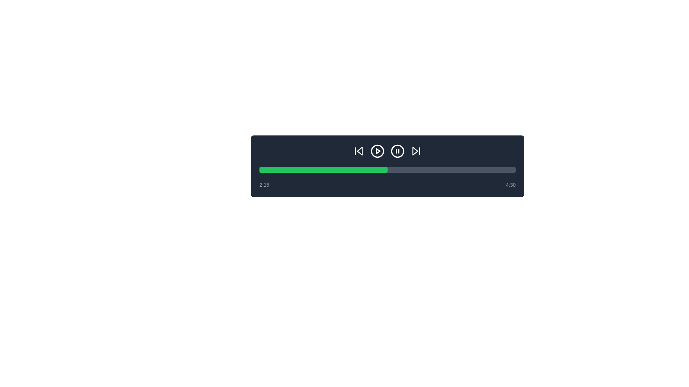 Image resolution: width=689 pixels, height=387 pixels. What do you see at coordinates (510, 185) in the screenshot?
I see `the text label displaying the total or remaining duration time of media playback` at bounding box center [510, 185].